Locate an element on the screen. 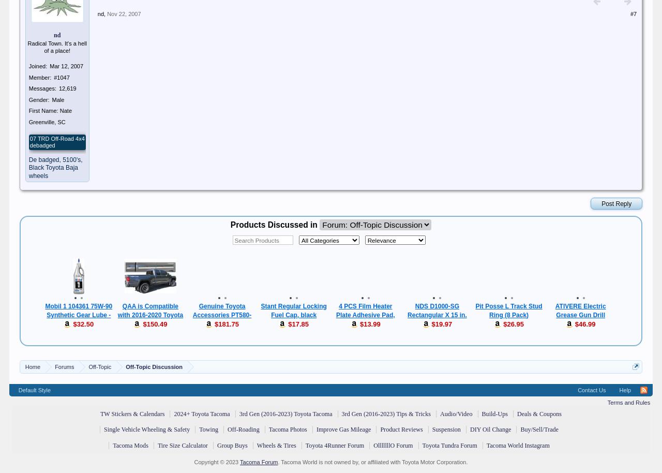 The height and width of the screenshot is (473, 662). 'Mobil 1 104361 75W-90 Synthetic Gear Lube - 1 Quart (Pack of 2)' is located at coordinates (78, 314).